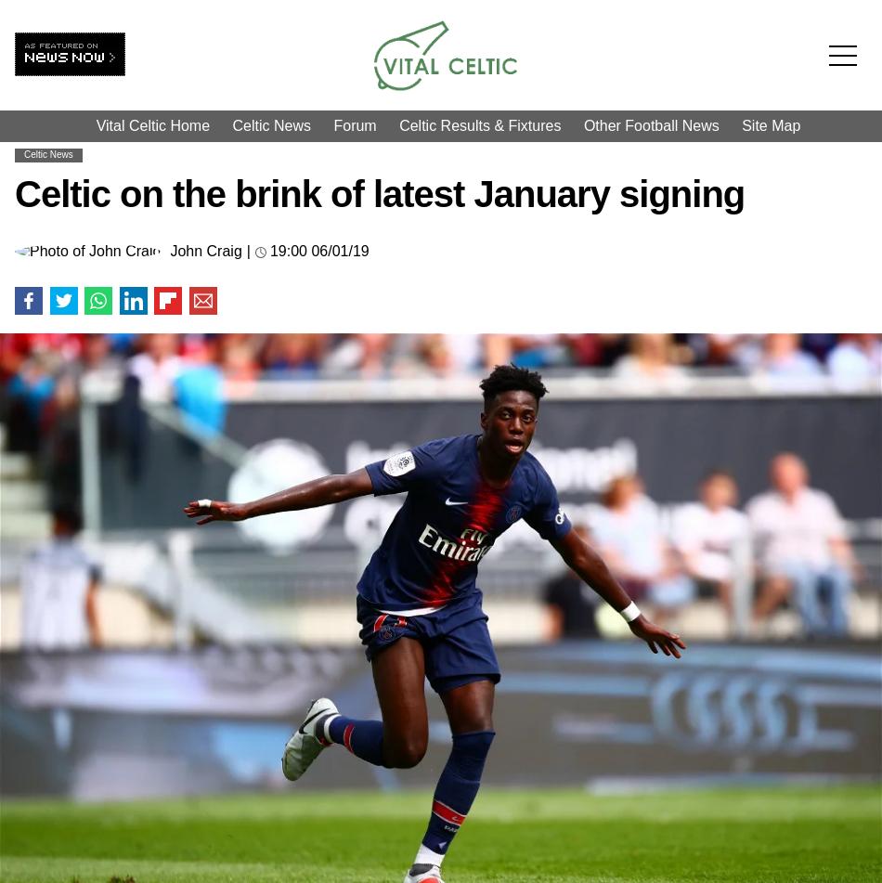 The height and width of the screenshot is (883, 882). Describe the element at coordinates (152, 125) in the screenshot. I see `'Vital Celtic Home'` at that location.